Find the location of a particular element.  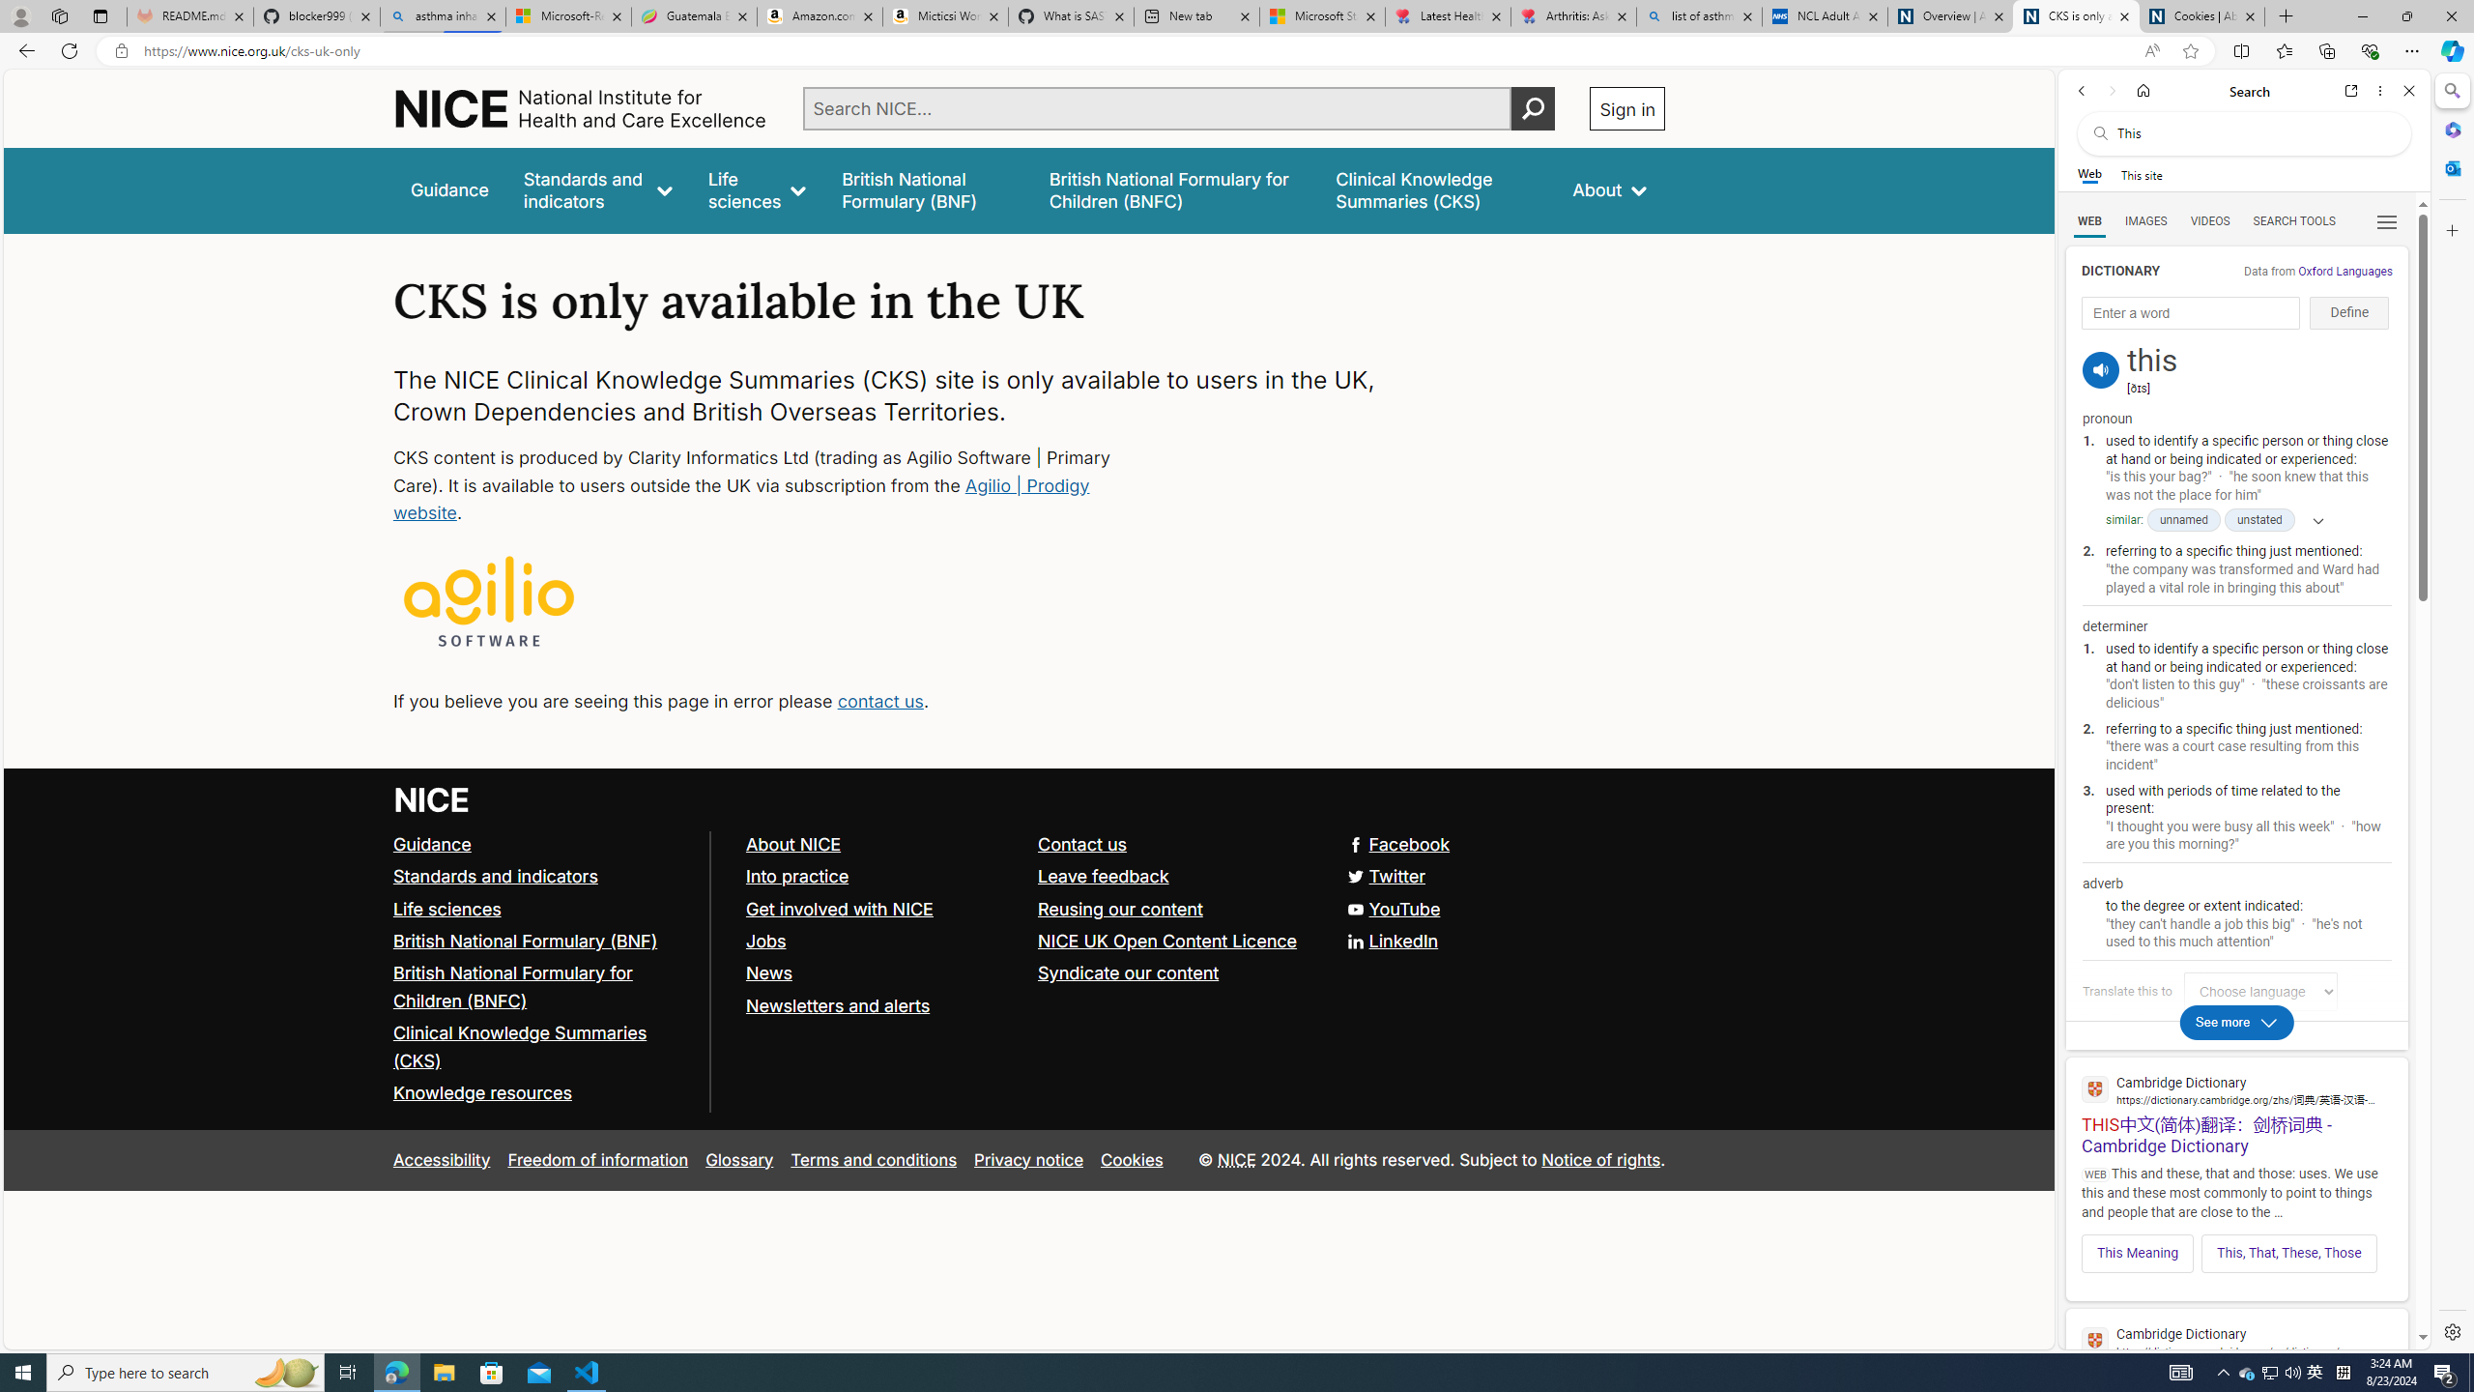

'Search Filter, Search Tools' is located at coordinates (2293, 219).